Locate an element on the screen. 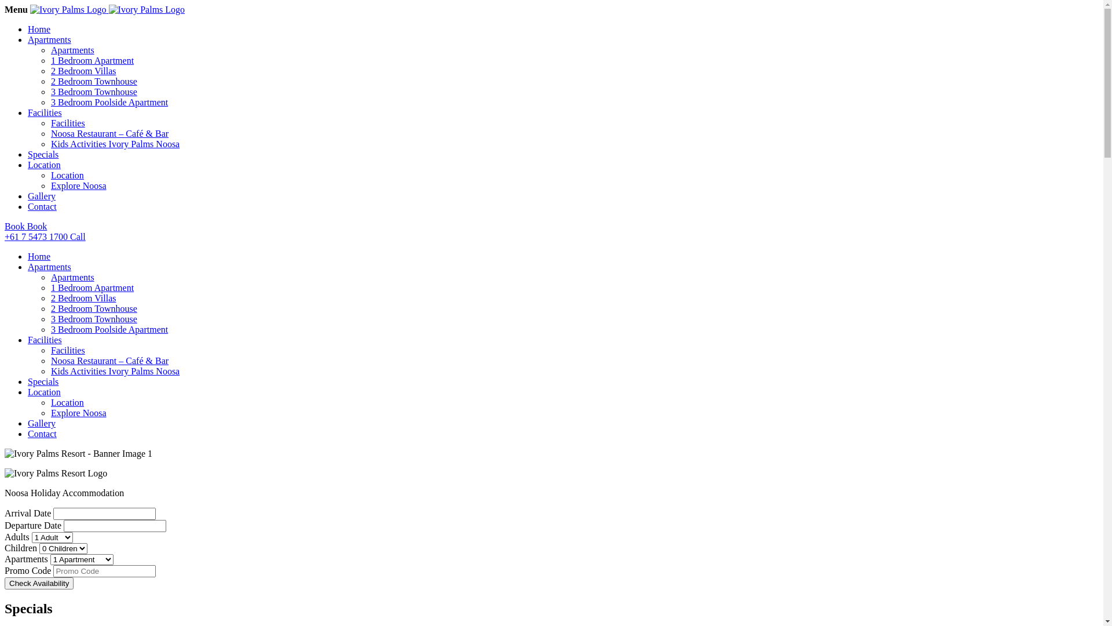 The height and width of the screenshot is (626, 1112). 'Facilities' is located at coordinates (67, 350).